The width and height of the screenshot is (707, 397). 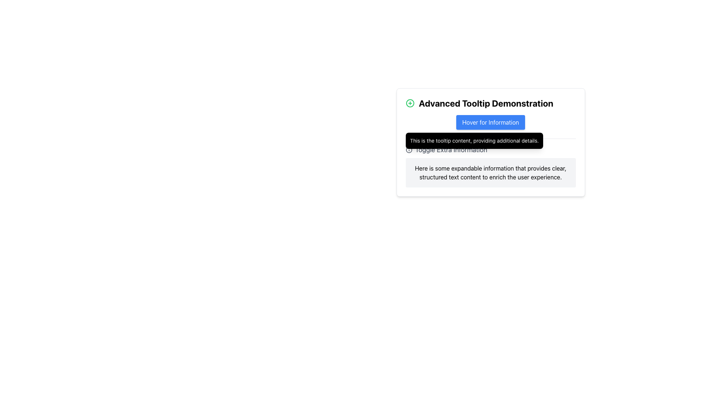 What do you see at coordinates (490, 122) in the screenshot?
I see `the blue button with rounded corners labeled 'Hover for Information', which is centrally located above a black tooltip box` at bounding box center [490, 122].